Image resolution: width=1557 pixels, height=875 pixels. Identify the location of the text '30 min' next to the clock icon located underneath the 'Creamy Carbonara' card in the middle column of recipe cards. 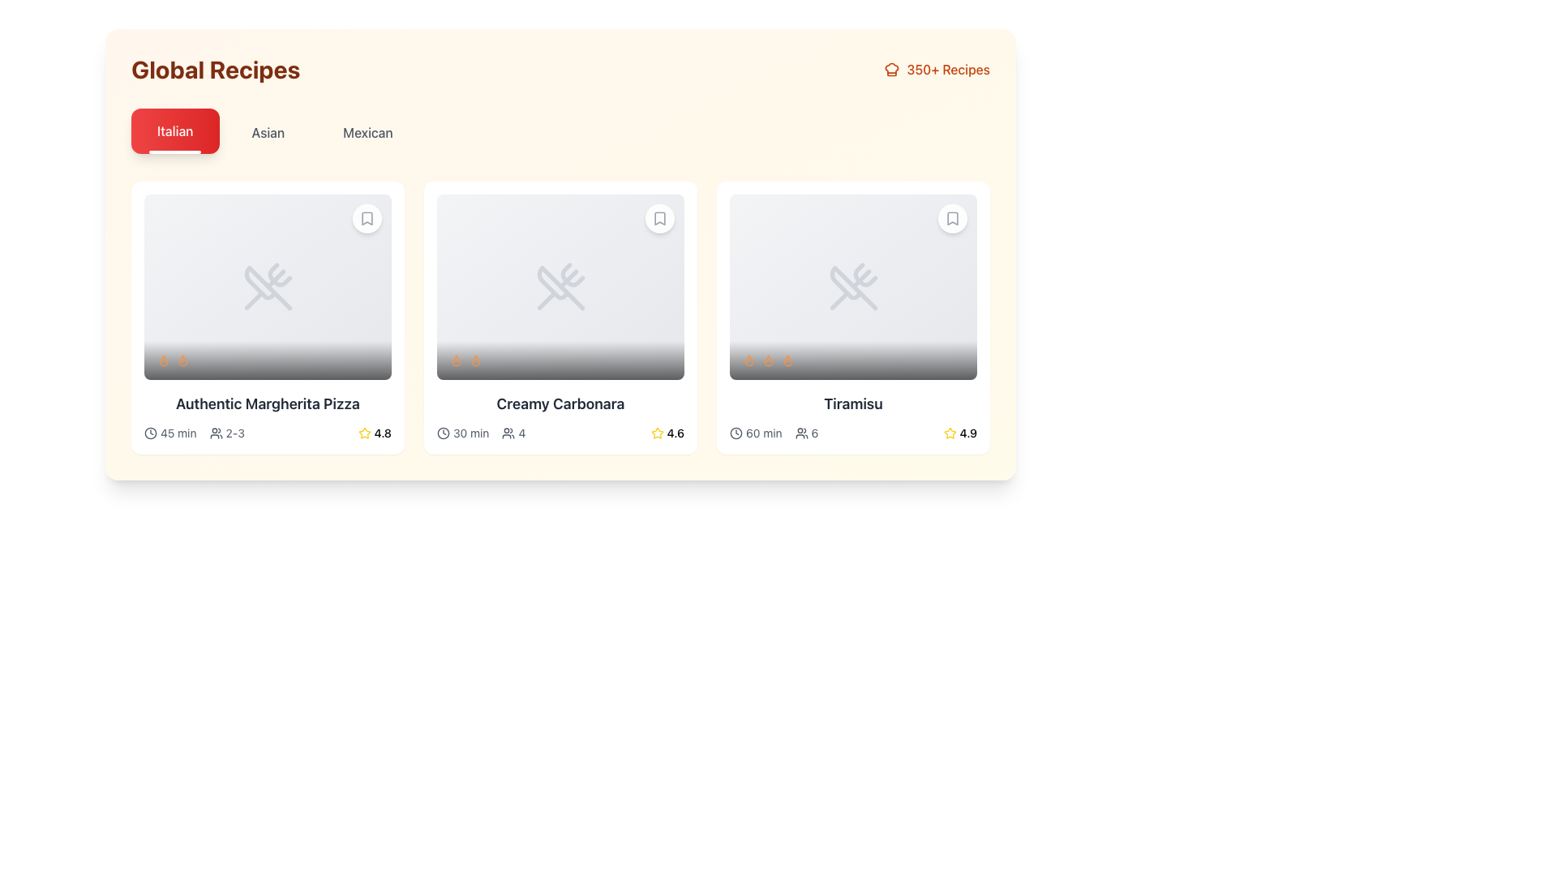
(462, 432).